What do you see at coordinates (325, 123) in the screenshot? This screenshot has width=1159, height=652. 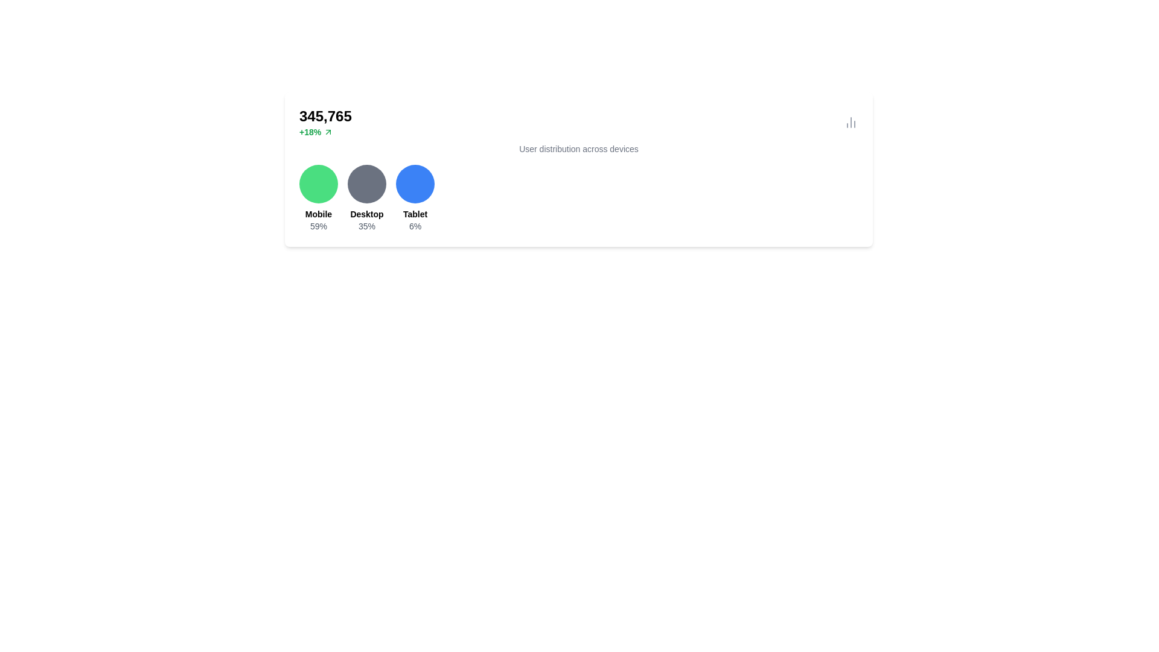 I see `the text display element showing numeric and percentage indicators located near the top-left corner of the user distribution statistics section` at bounding box center [325, 123].